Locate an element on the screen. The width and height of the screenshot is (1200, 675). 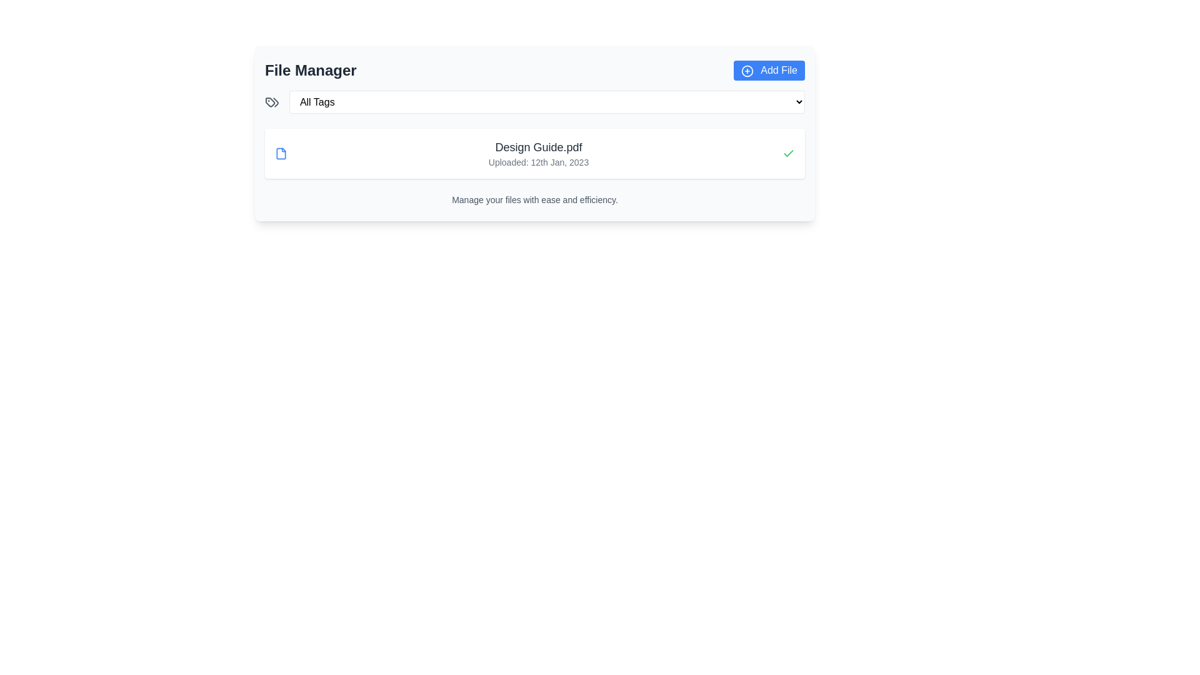
the tag filter dropdown menu located below the 'File Manager' title is located at coordinates (534, 101).